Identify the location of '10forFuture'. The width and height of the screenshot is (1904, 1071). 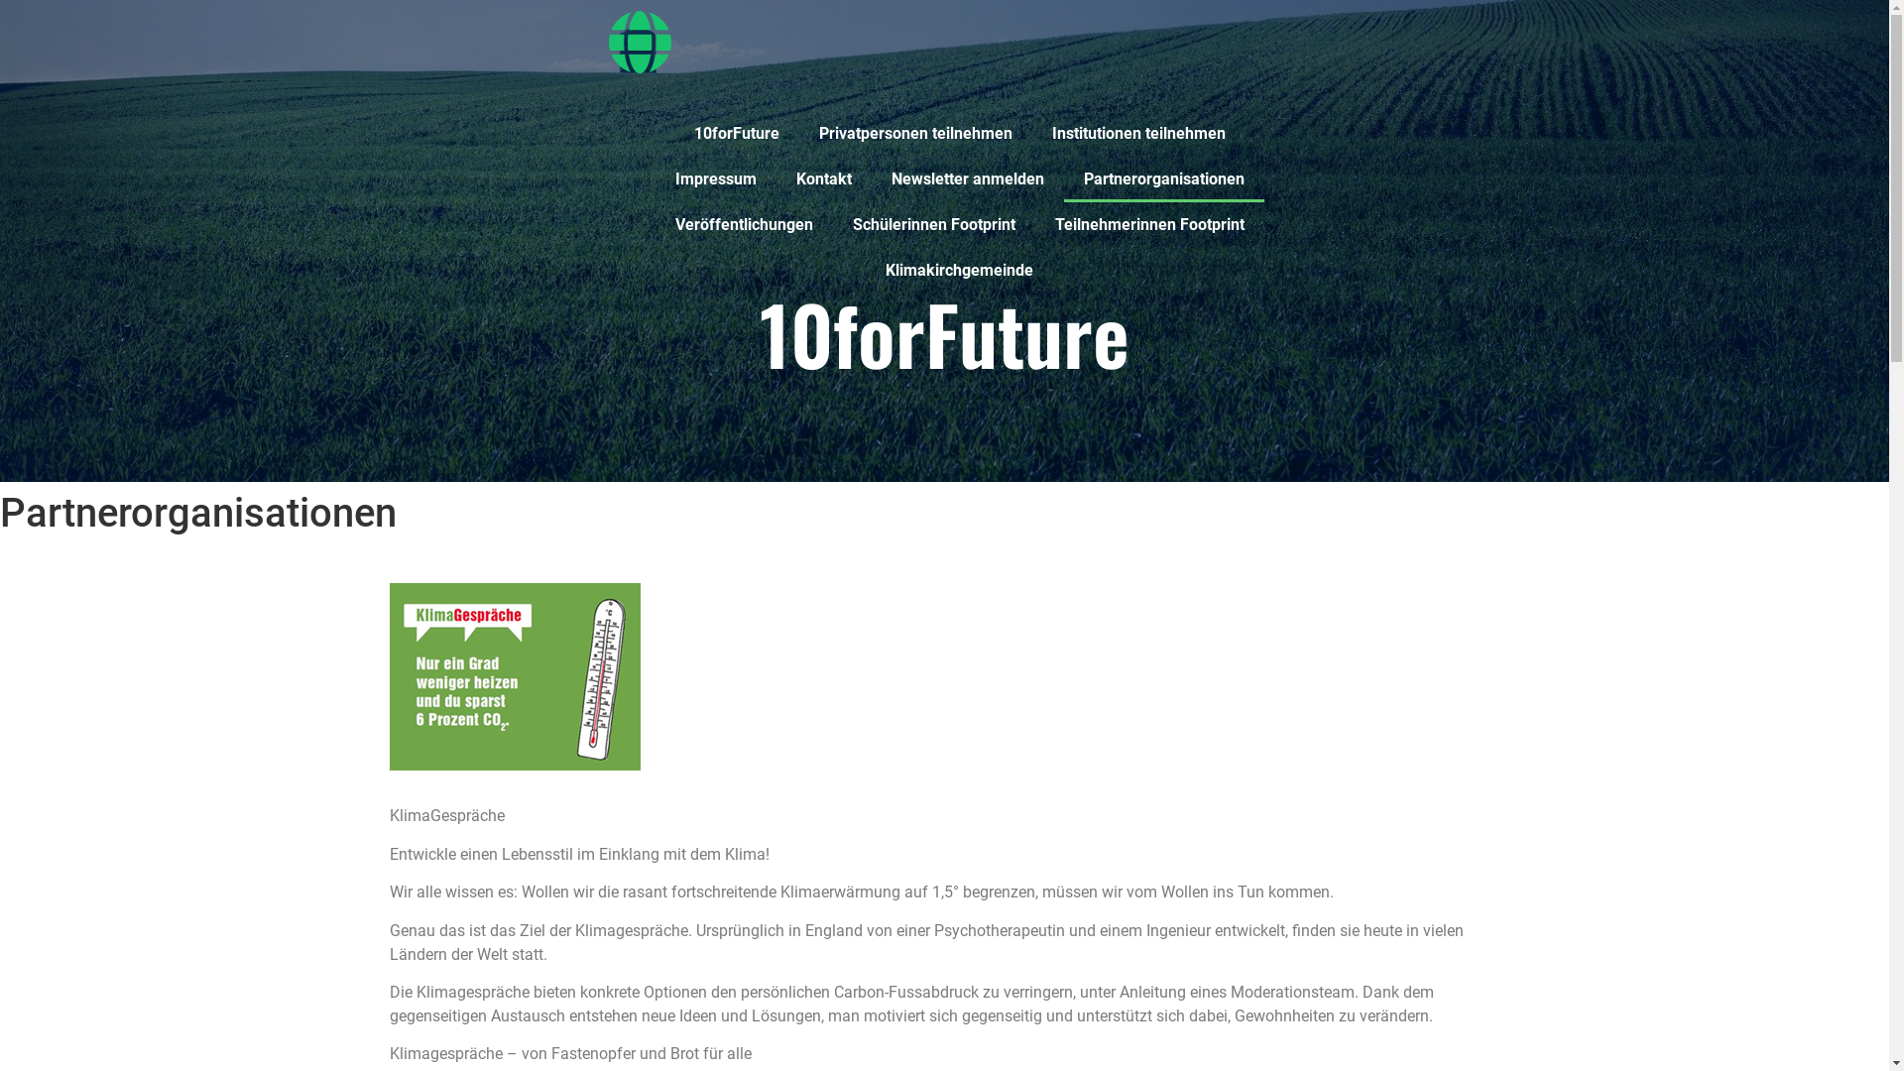
(736, 134).